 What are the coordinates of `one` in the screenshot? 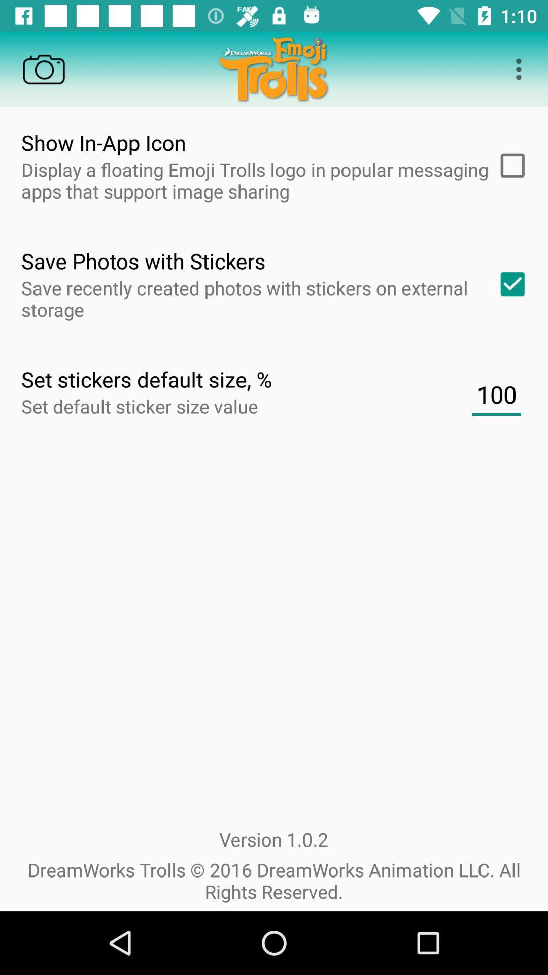 It's located at (509, 284).